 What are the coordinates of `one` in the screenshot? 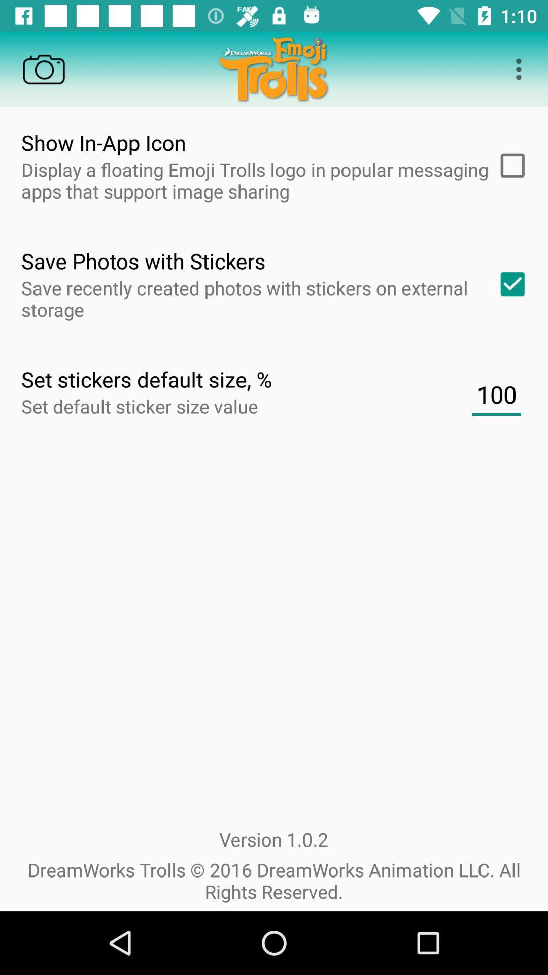 It's located at (509, 284).